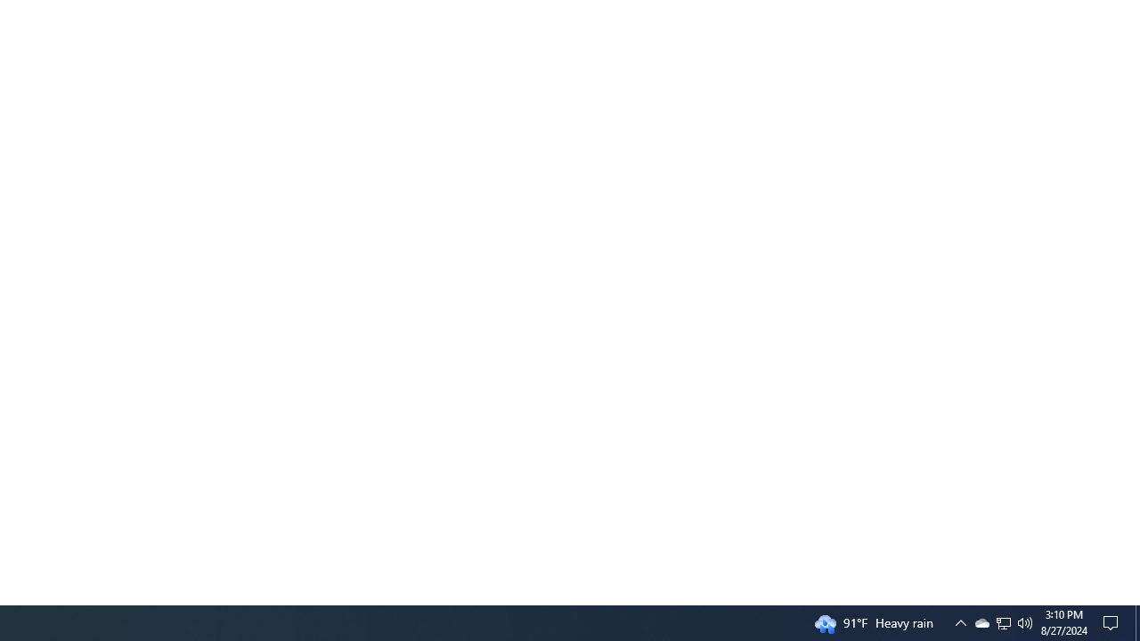 This screenshot has width=1140, height=641. I want to click on 'User Promoted Notification Area', so click(981, 621).